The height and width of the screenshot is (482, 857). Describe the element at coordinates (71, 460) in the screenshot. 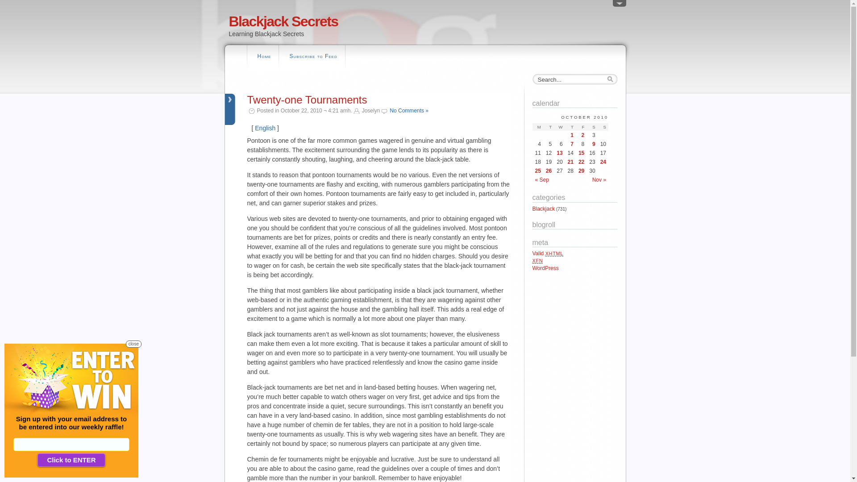

I see `'Click to ENTER'` at that location.